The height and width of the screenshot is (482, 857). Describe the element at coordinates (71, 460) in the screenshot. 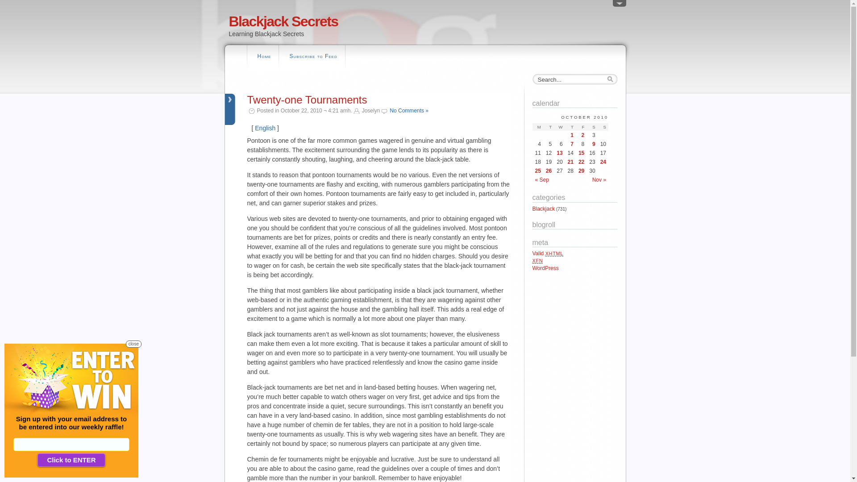

I see `'Click to ENTER'` at that location.